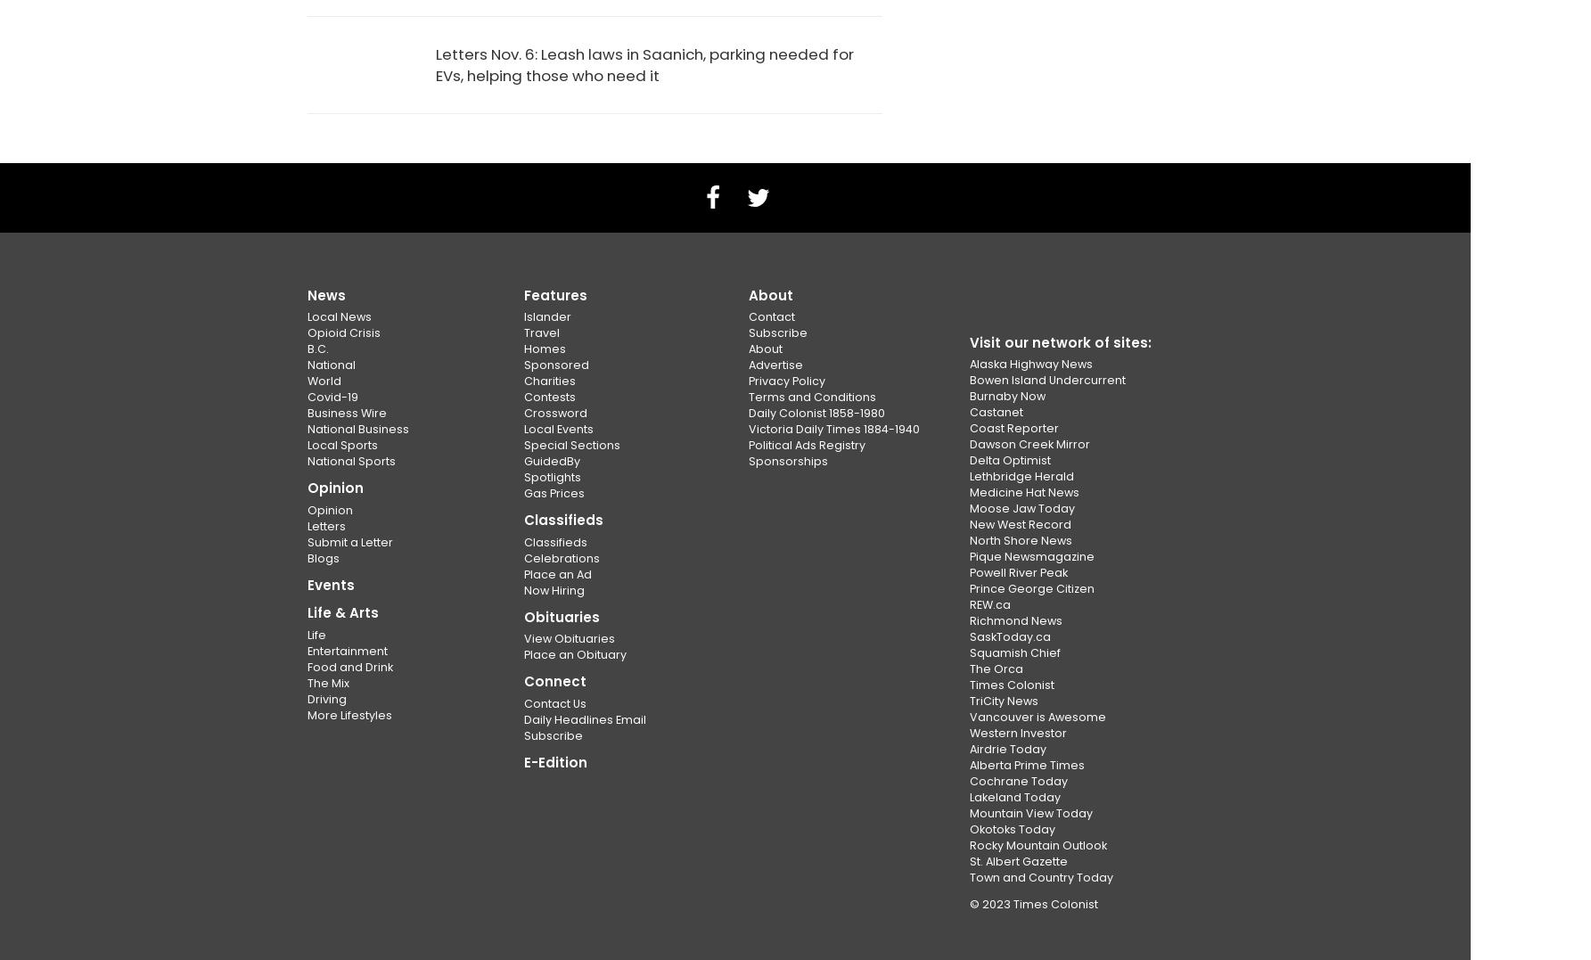 The image size is (1591, 960). I want to click on 'Times Colonist', so click(969, 684).